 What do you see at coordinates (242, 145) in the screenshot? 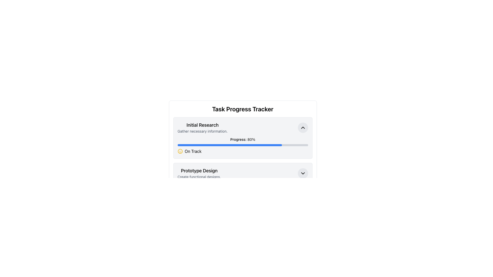
I see `the rectangular progress bar with a gray background and blue filled section indicating 80% progress, located below the label 'Progress: 80%' and above 'On Track'` at bounding box center [242, 145].